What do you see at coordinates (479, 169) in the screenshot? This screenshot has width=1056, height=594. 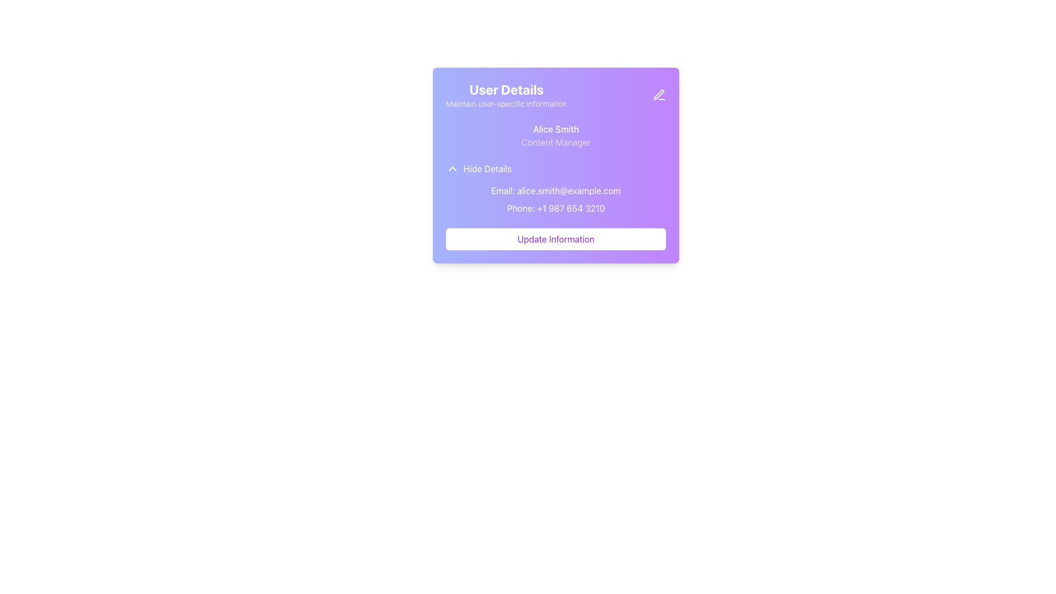 I see `the 'Hide Details' button, which is styled with a purple theme and includes an upward chevron icon, to hide the details below the user's name and title` at bounding box center [479, 169].